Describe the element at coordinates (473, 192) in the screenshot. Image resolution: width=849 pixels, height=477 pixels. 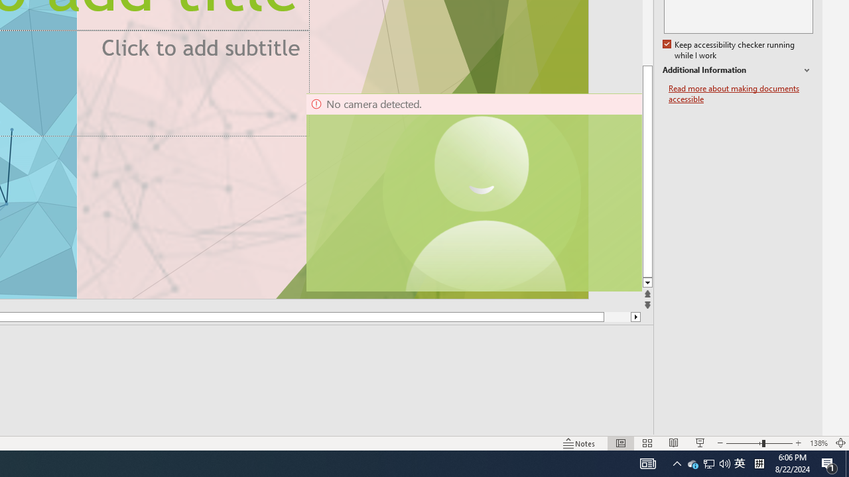
I see `'Camera 14, No camera detected.'` at that location.